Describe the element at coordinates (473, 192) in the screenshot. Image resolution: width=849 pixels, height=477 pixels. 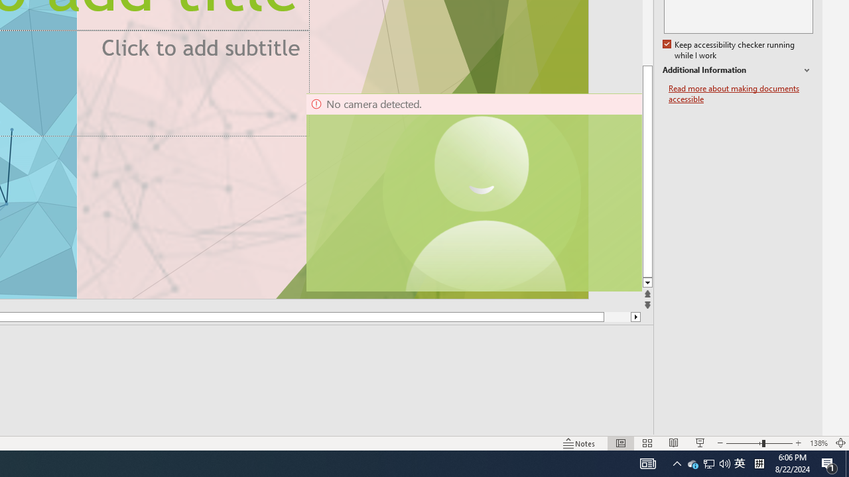
I see `'Camera 14, No camera detected.'` at that location.